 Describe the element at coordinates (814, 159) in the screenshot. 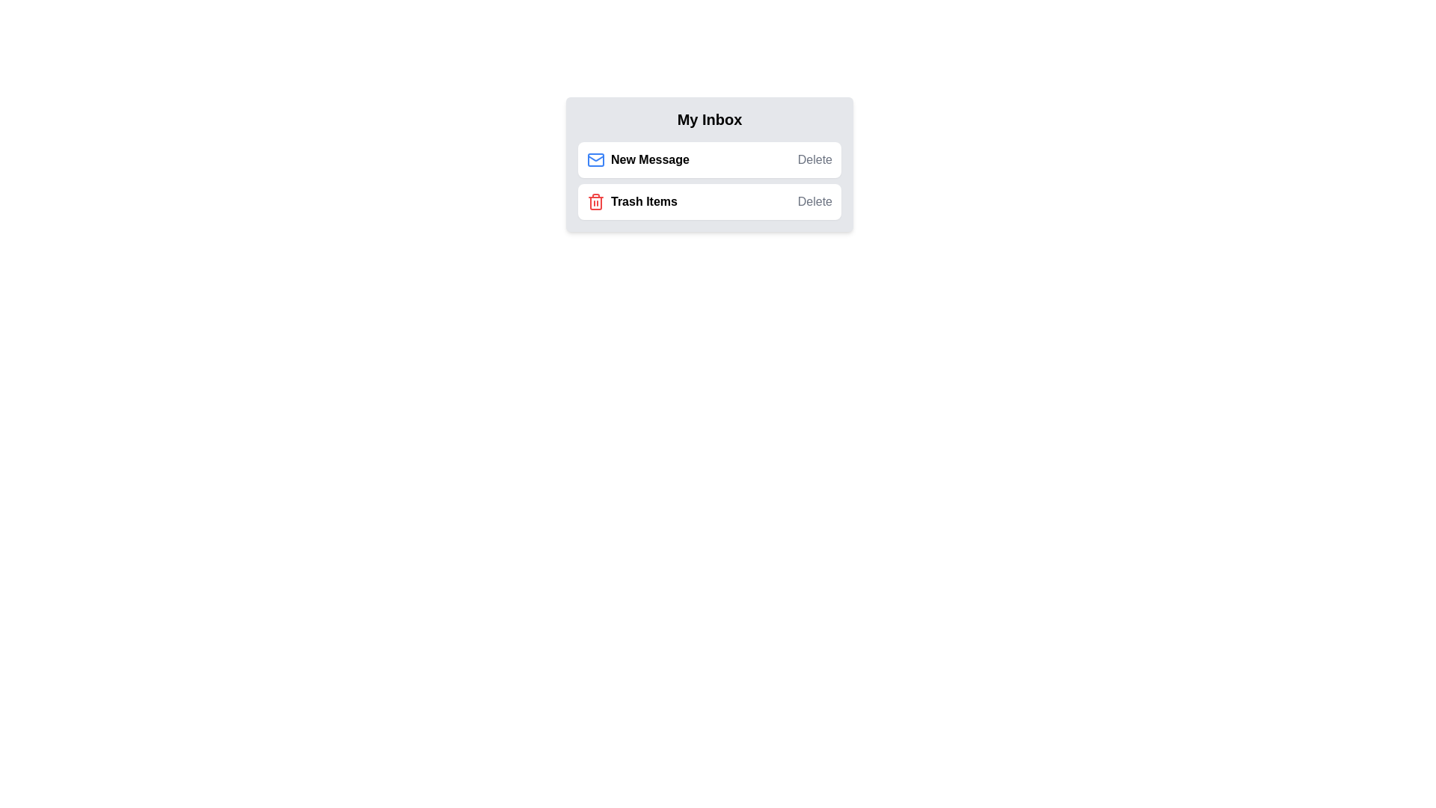

I see `the 'Delete' button for New Message` at that location.